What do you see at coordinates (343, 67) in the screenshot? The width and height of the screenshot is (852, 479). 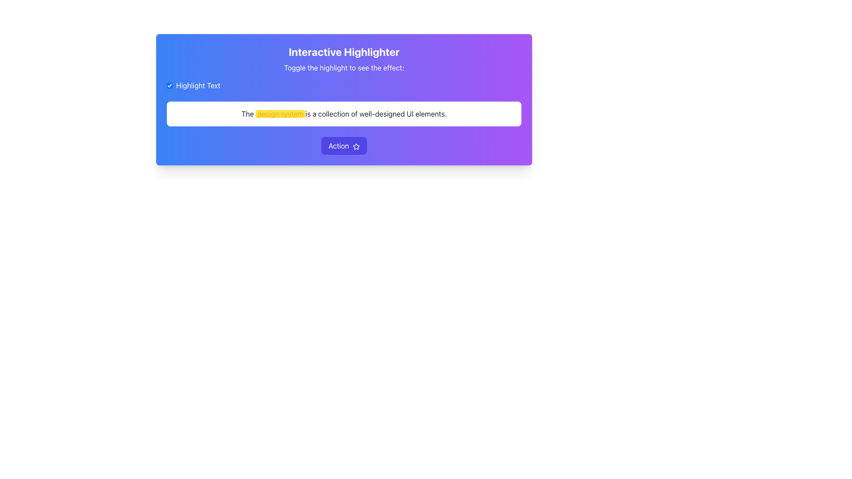 I see `static text label that provides instructions or descriptions, located below the 'Interactive Highlighter' header and above the 'Highlight Text' checkbox` at bounding box center [343, 67].